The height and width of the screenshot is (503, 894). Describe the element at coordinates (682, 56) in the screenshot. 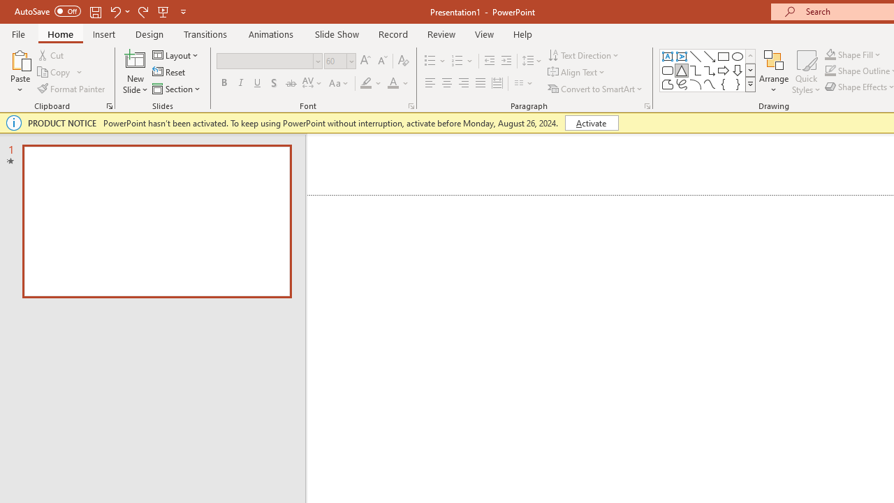

I see `'Vertical Text Box'` at that location.